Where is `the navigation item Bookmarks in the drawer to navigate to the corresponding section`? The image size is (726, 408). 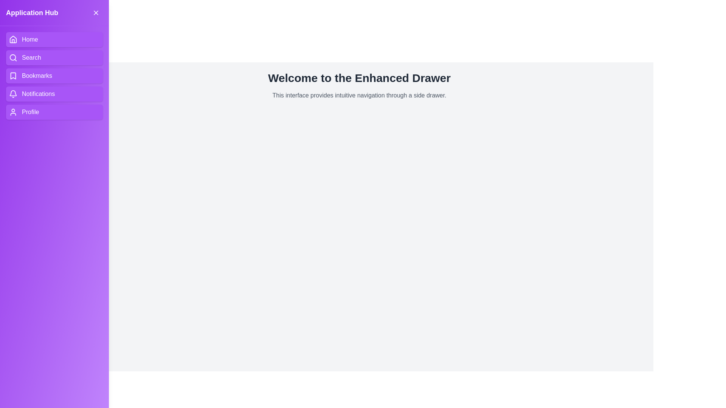
the navigation item Bookmarks in the drawer to navigate to the corresponding section is located at coordinates (54, 76).